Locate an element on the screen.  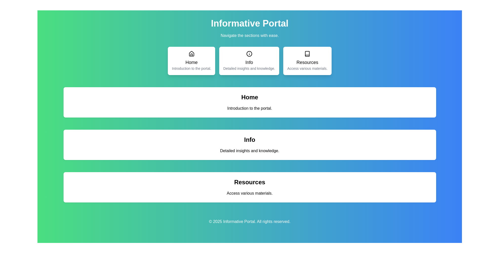
the door graphical detail inside the house icon, which is the first icon in the top navigation bar of the interface is located at coordinates (191, 55).